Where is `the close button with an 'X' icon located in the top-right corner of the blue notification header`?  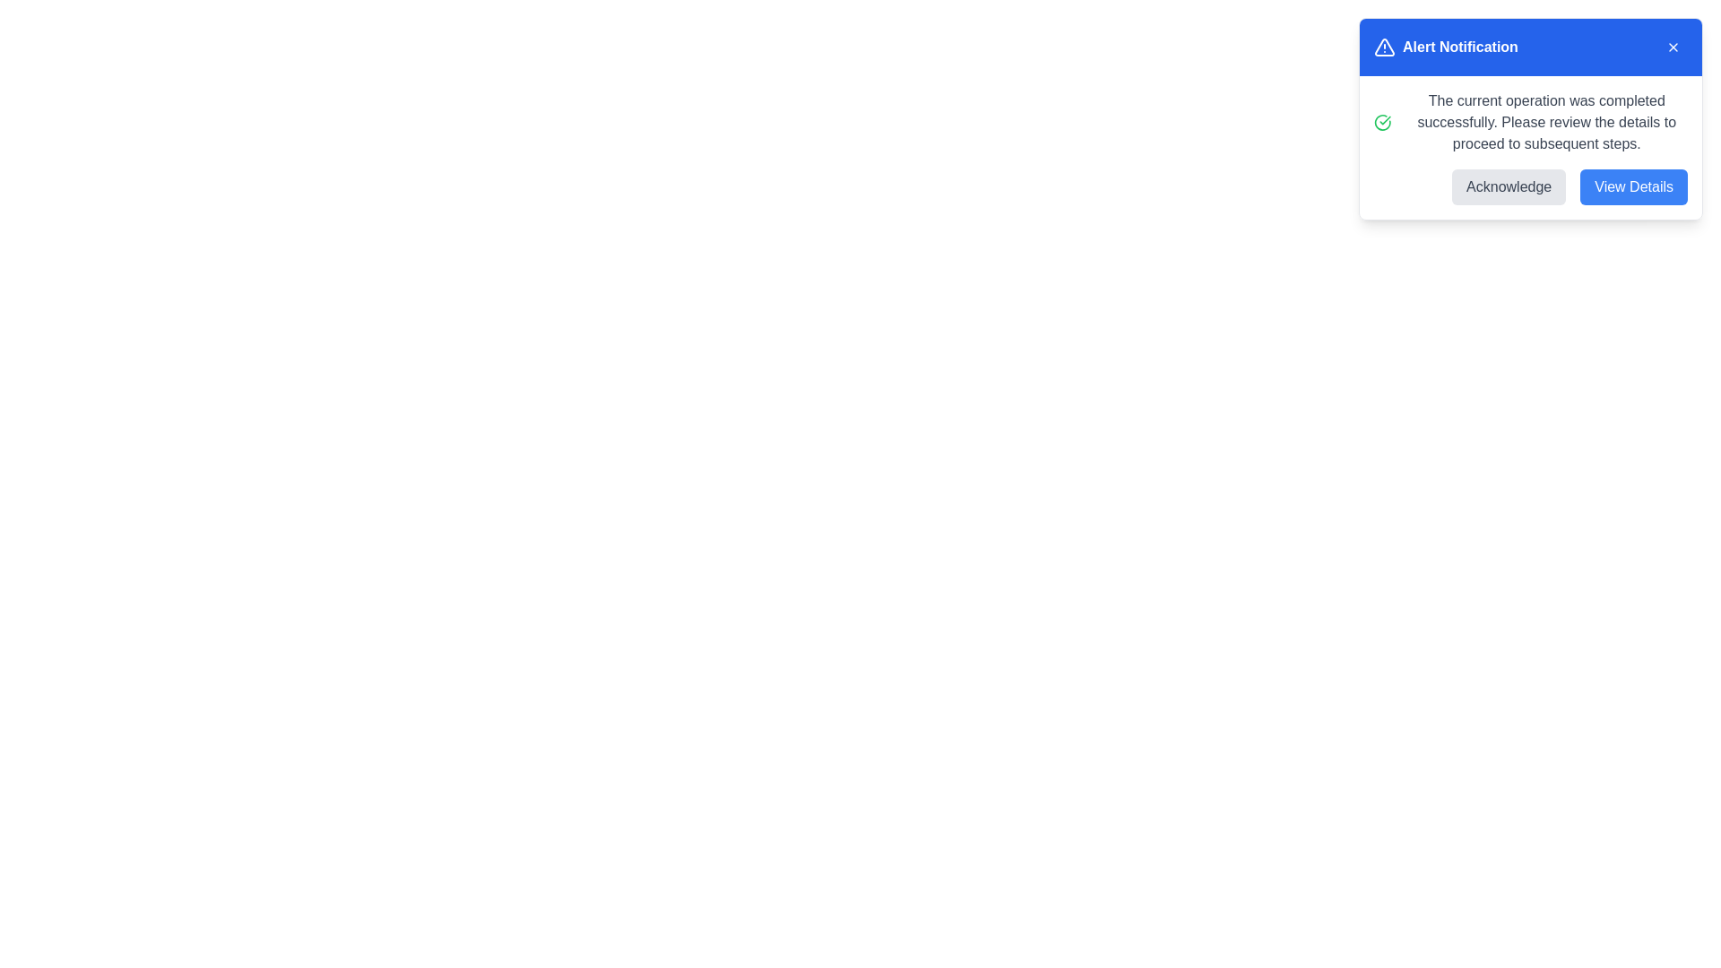 the close button with an 'X' icon located in the top-right corner of the blue notification header is located at coordinates (1673, 47).